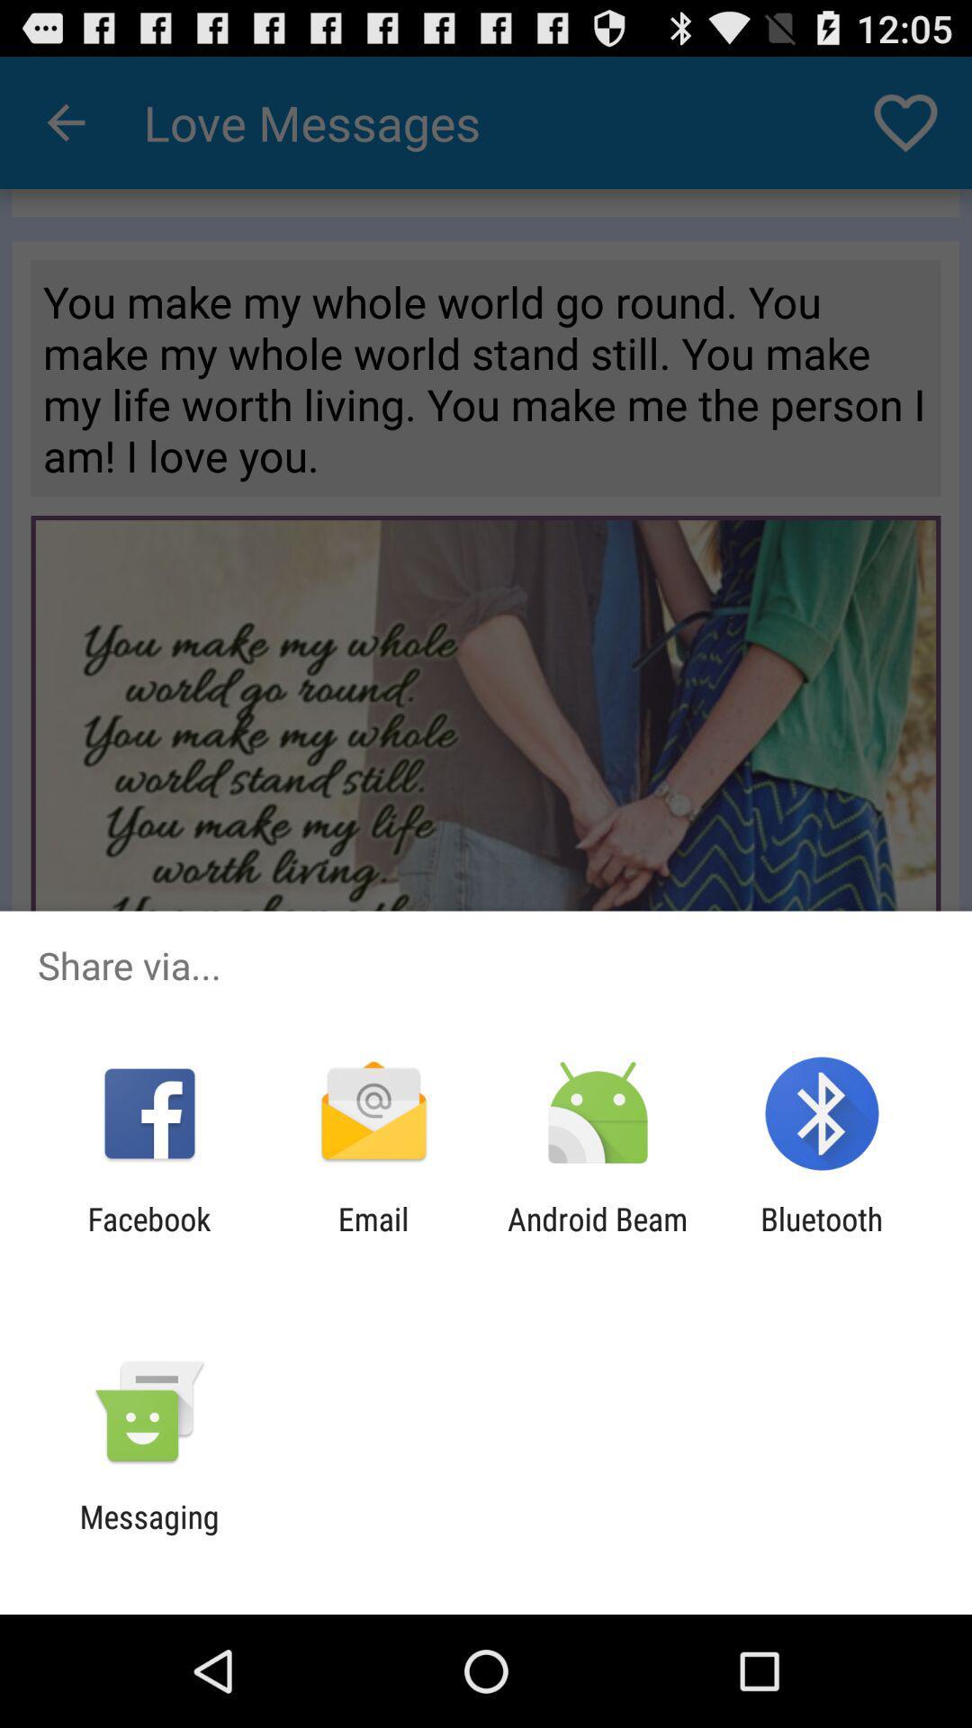 The height and width of the screenshot is (1728, 972). I want to click on android beam item, so click(598, 1237).